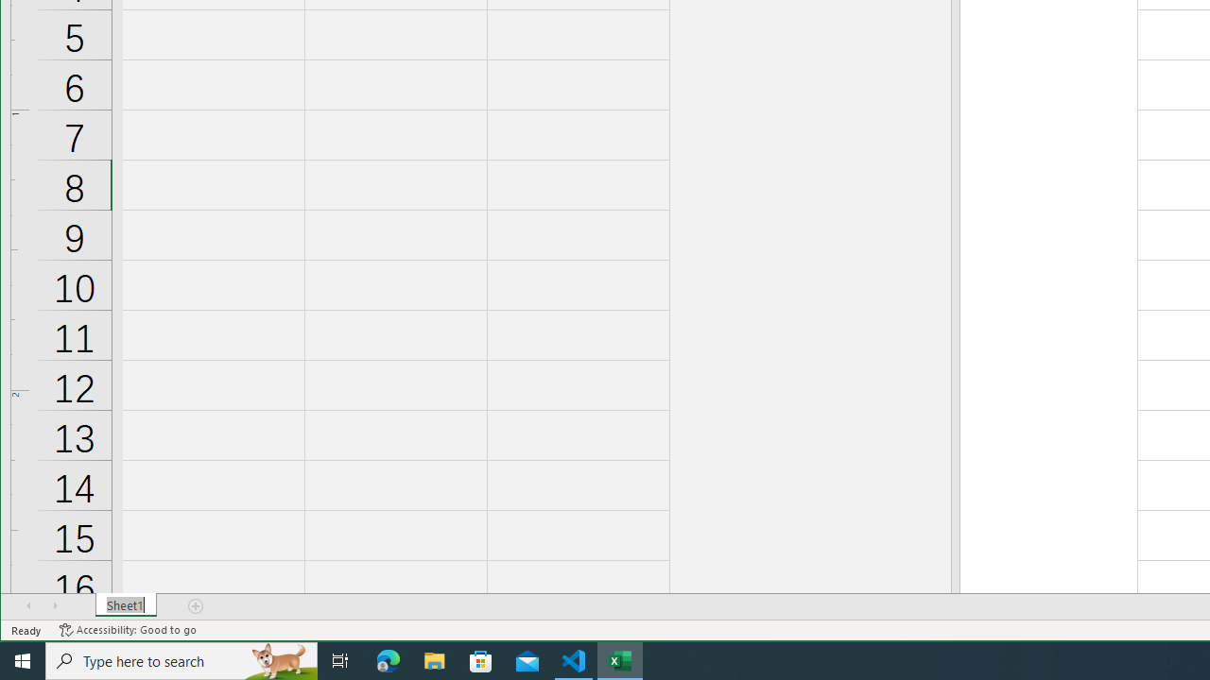 This screenshot has width=1210, height=680. I want to click on 'Search highlights icon opens search home window', so click(278, 659).